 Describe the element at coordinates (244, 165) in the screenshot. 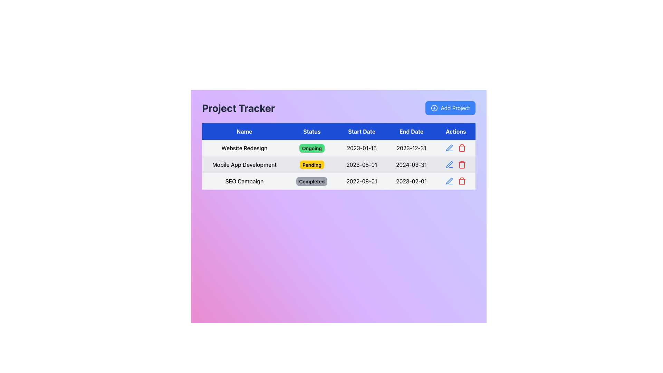

I see `the text label displaying 'Mobile App Development' in the second row under the 'Name' column of the data table` at that location.